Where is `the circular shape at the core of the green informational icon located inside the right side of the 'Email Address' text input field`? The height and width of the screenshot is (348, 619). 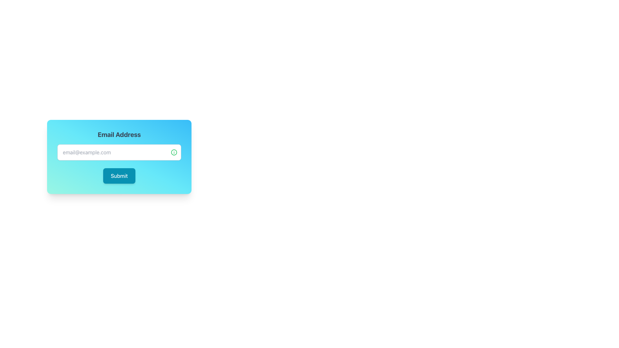
the circular shape at the core of the green informational icon located inside the right side of the 'Email Address' text input field is located at coordinates (174, 152).